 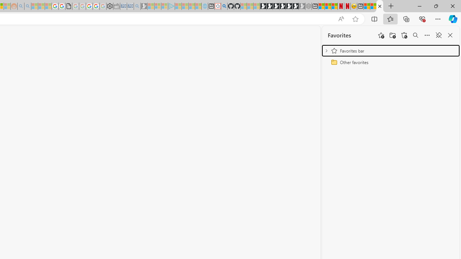 What do you see at coordinates (392, 35) in the screenshot?
I see `'Add folder'` at bounding box center [392, 35].